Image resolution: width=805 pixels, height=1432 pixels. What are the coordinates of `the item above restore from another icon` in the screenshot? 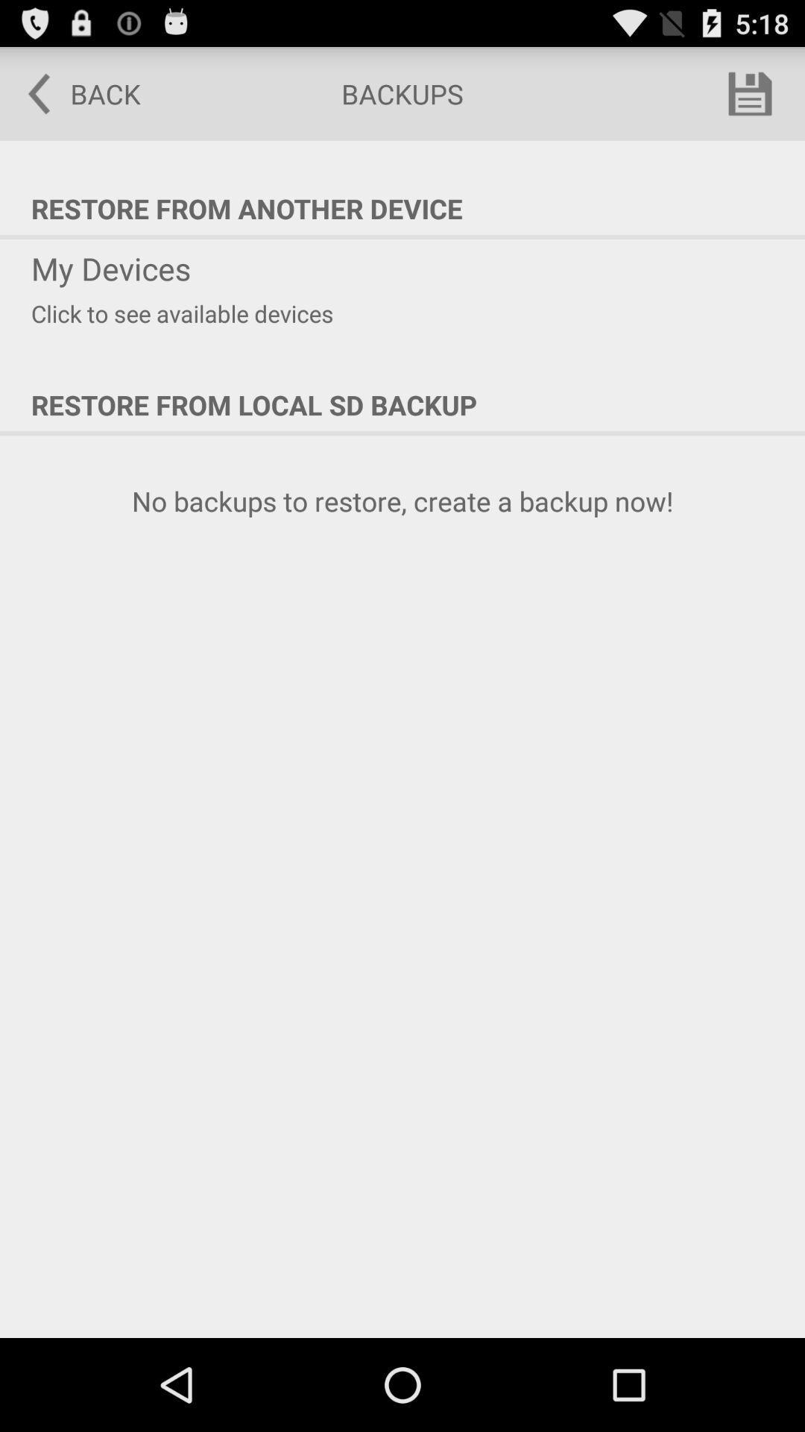 It's located at (750, 92).